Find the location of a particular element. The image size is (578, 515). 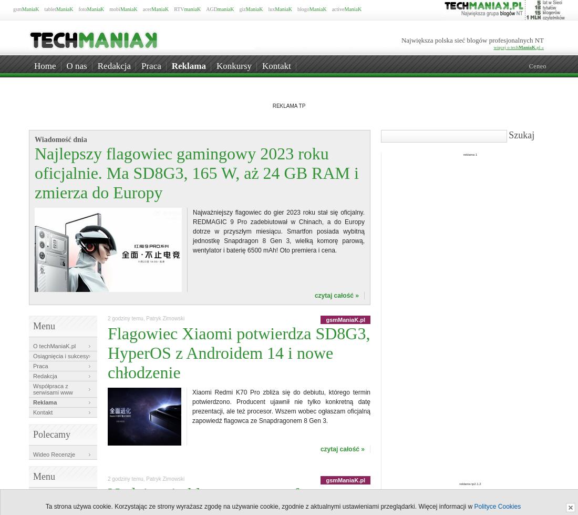

'reklama 1' is located at coordinates (469, 154).